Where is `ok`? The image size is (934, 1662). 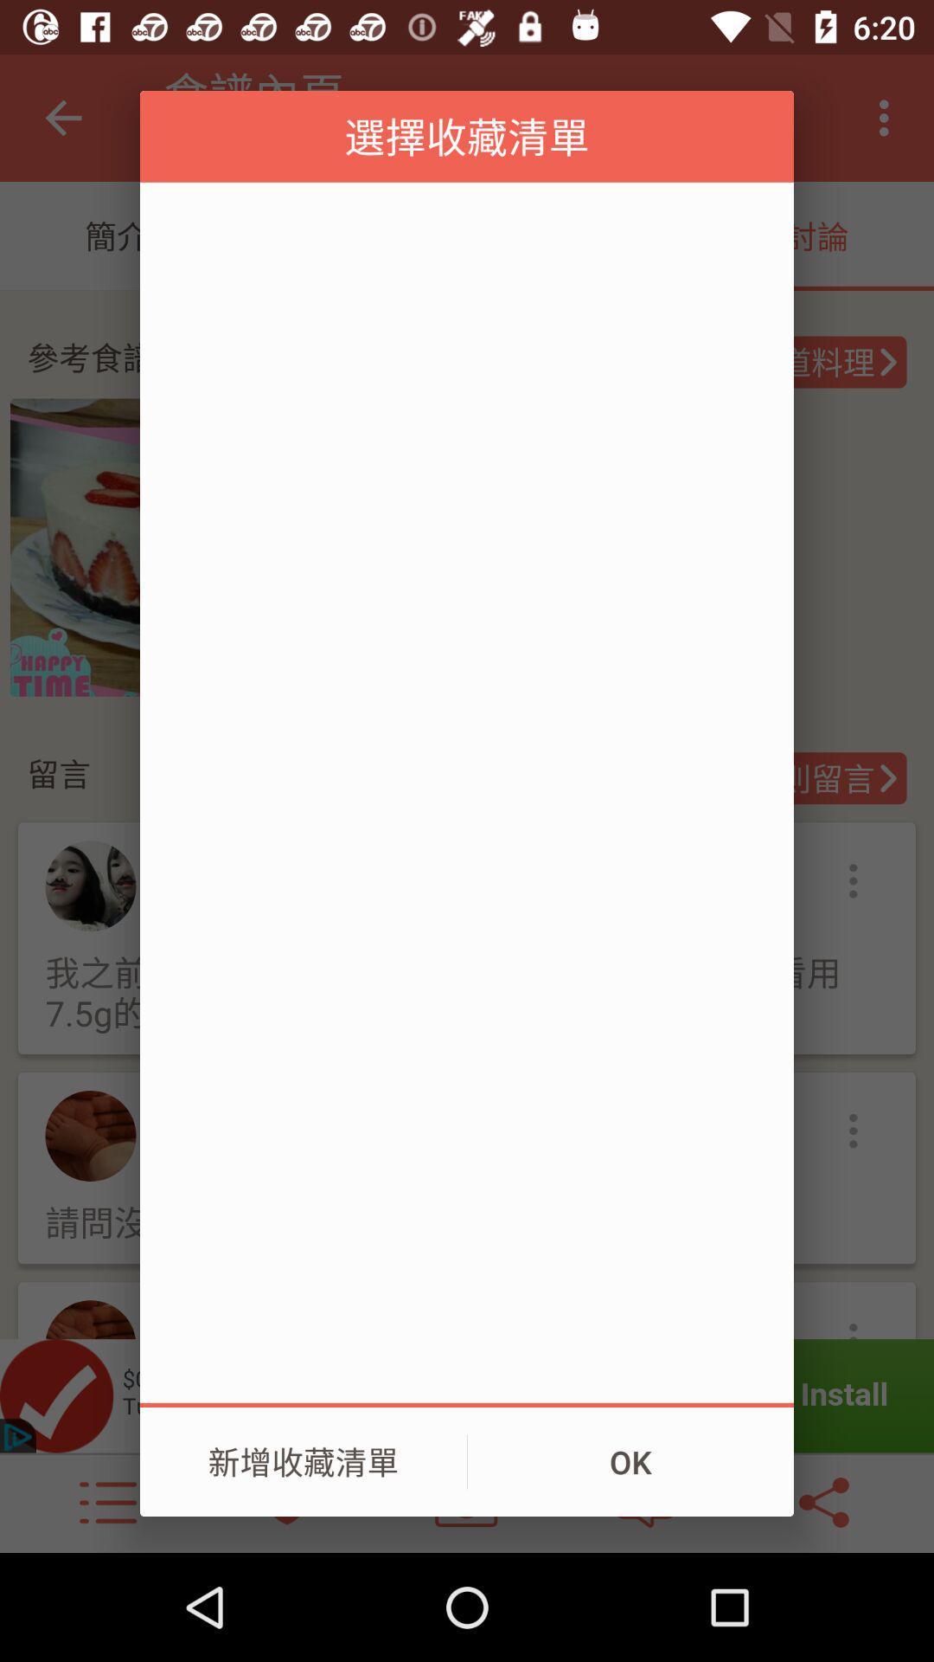 ok is located at coordinates (630, 1461).